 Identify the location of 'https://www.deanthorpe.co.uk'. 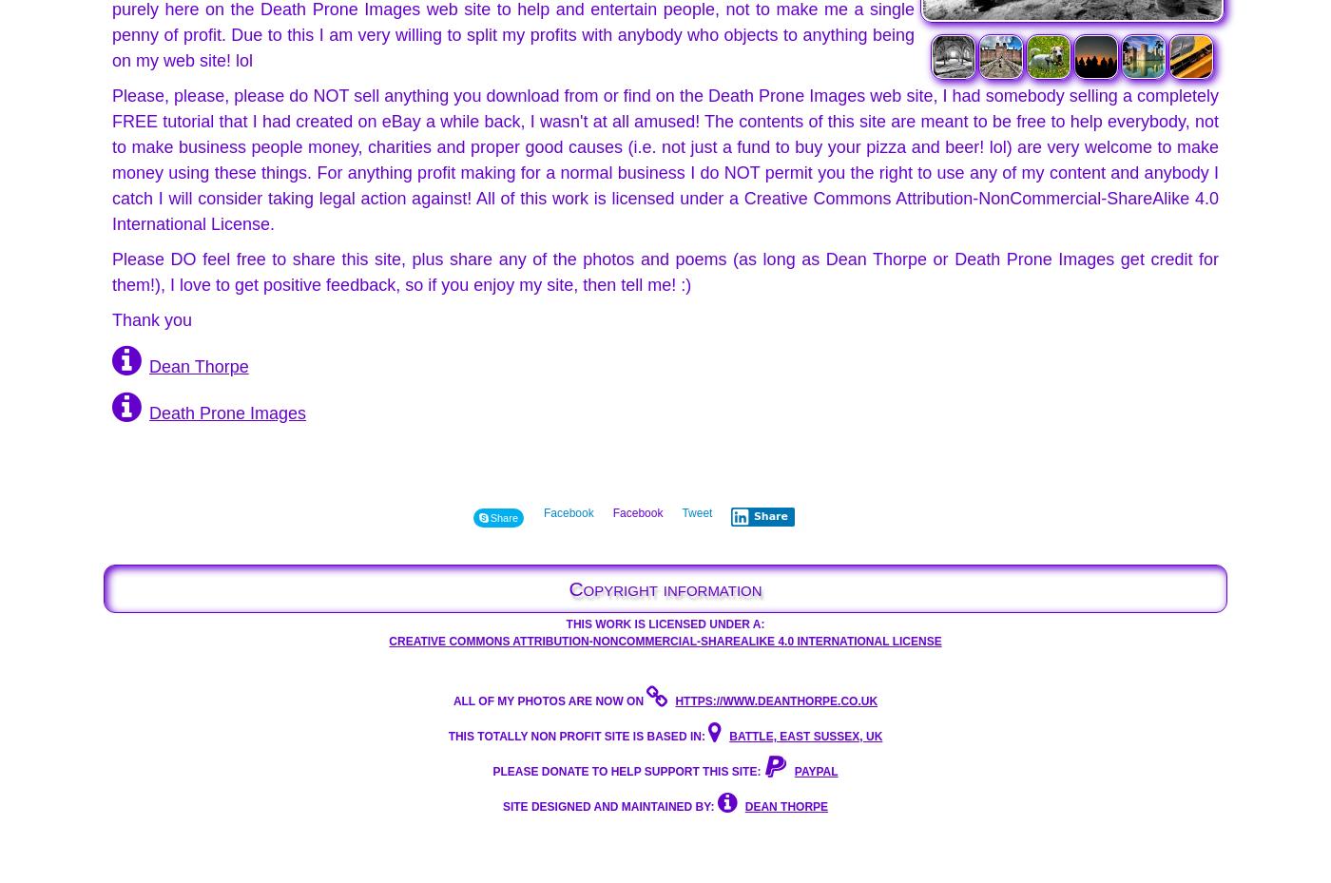
(776, 701).